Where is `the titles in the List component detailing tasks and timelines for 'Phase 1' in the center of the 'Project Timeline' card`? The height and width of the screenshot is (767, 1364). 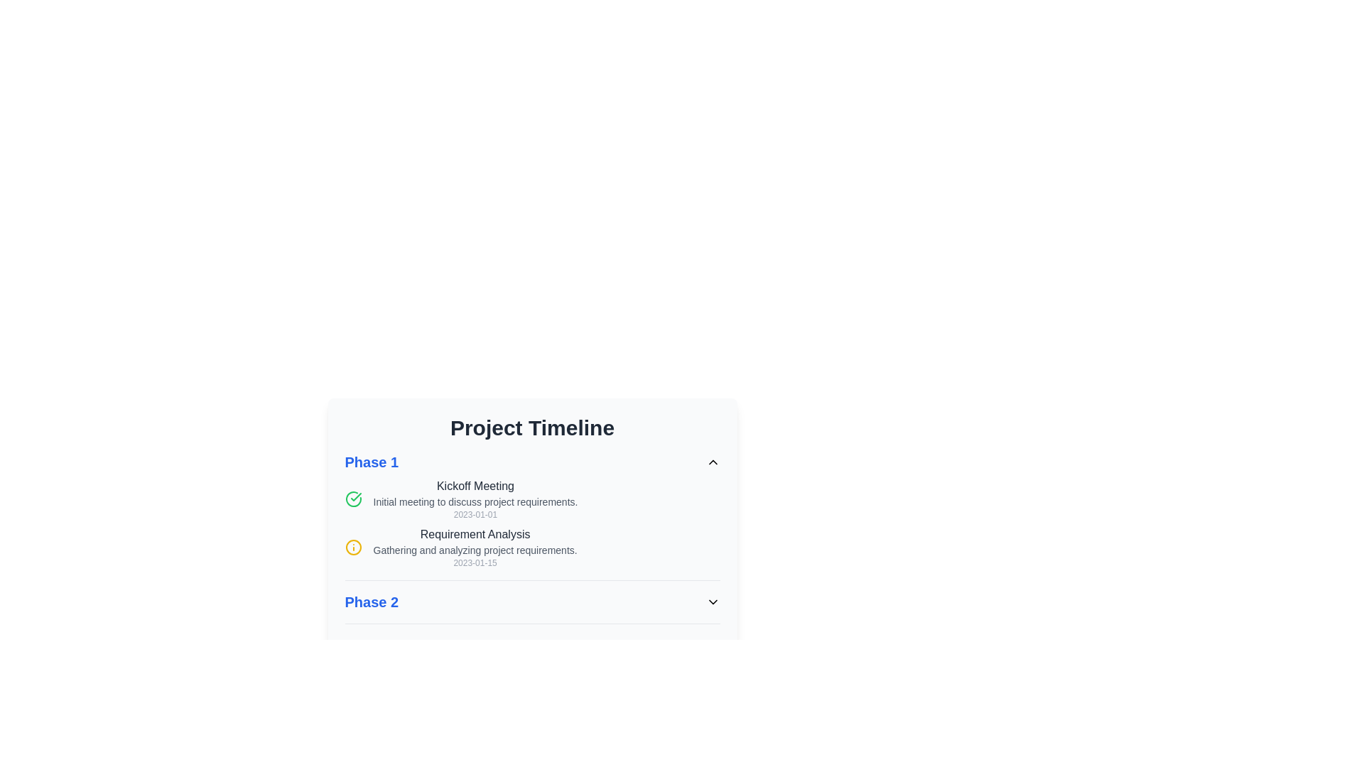
the titles in the List component detailing tasks and timelines for 'Phase 1' in the center of the 'Project Timeline' card is located at coordinates (531, 516).